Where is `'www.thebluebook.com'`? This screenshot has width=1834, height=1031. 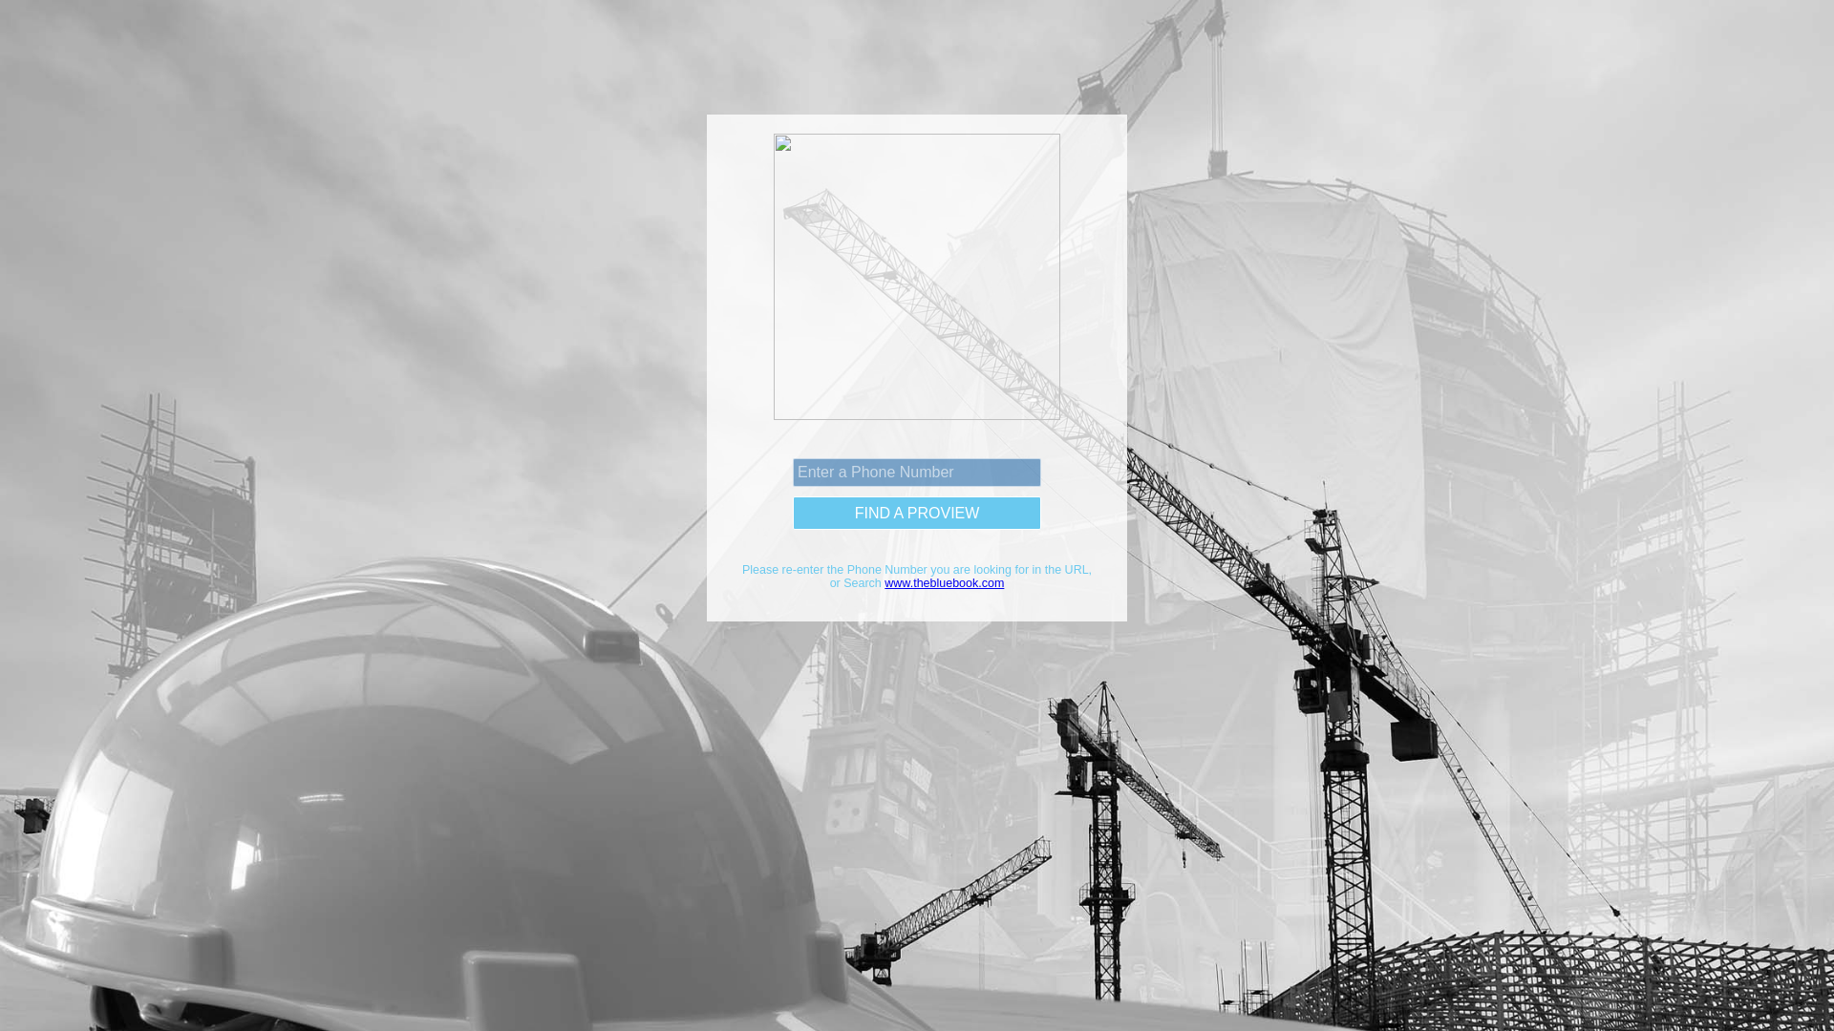 'www.thebluebook.com' is located at coordinates (944, 581).